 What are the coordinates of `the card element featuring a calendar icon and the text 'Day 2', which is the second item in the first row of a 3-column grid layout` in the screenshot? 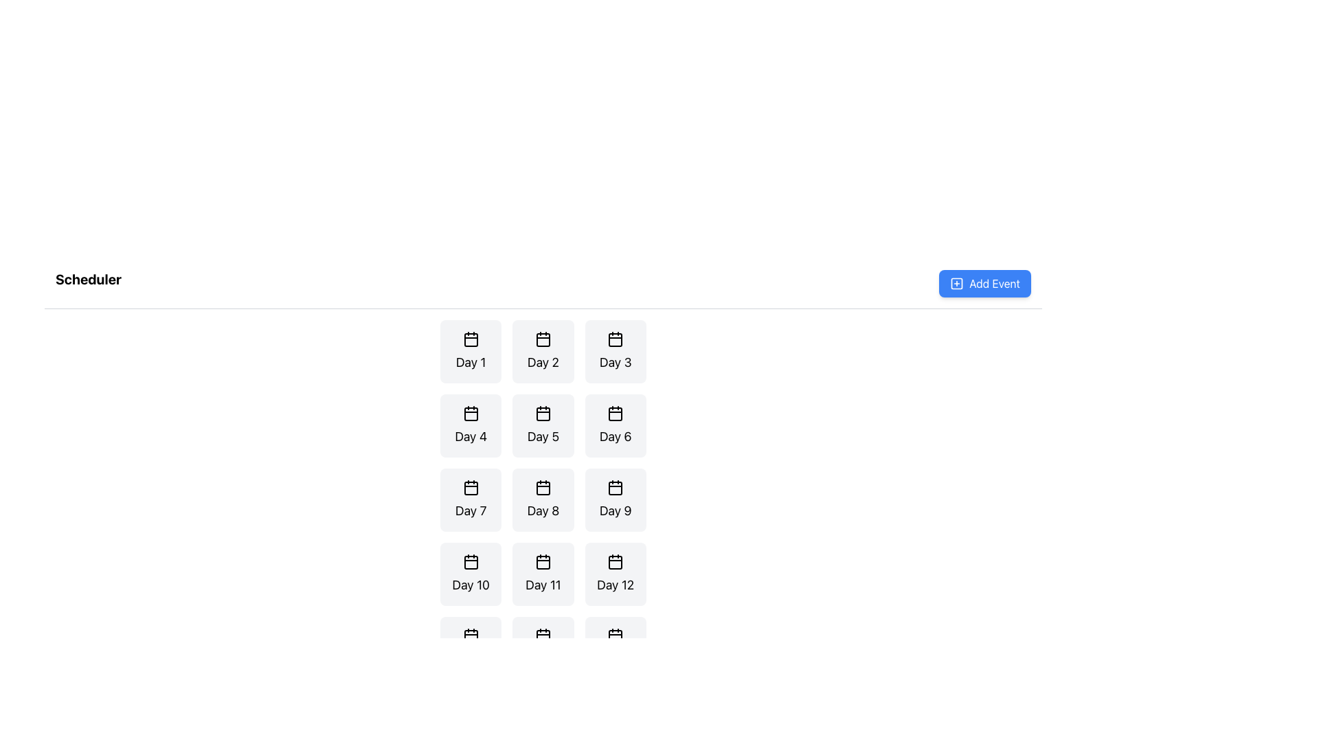 It's located at (543, 351).